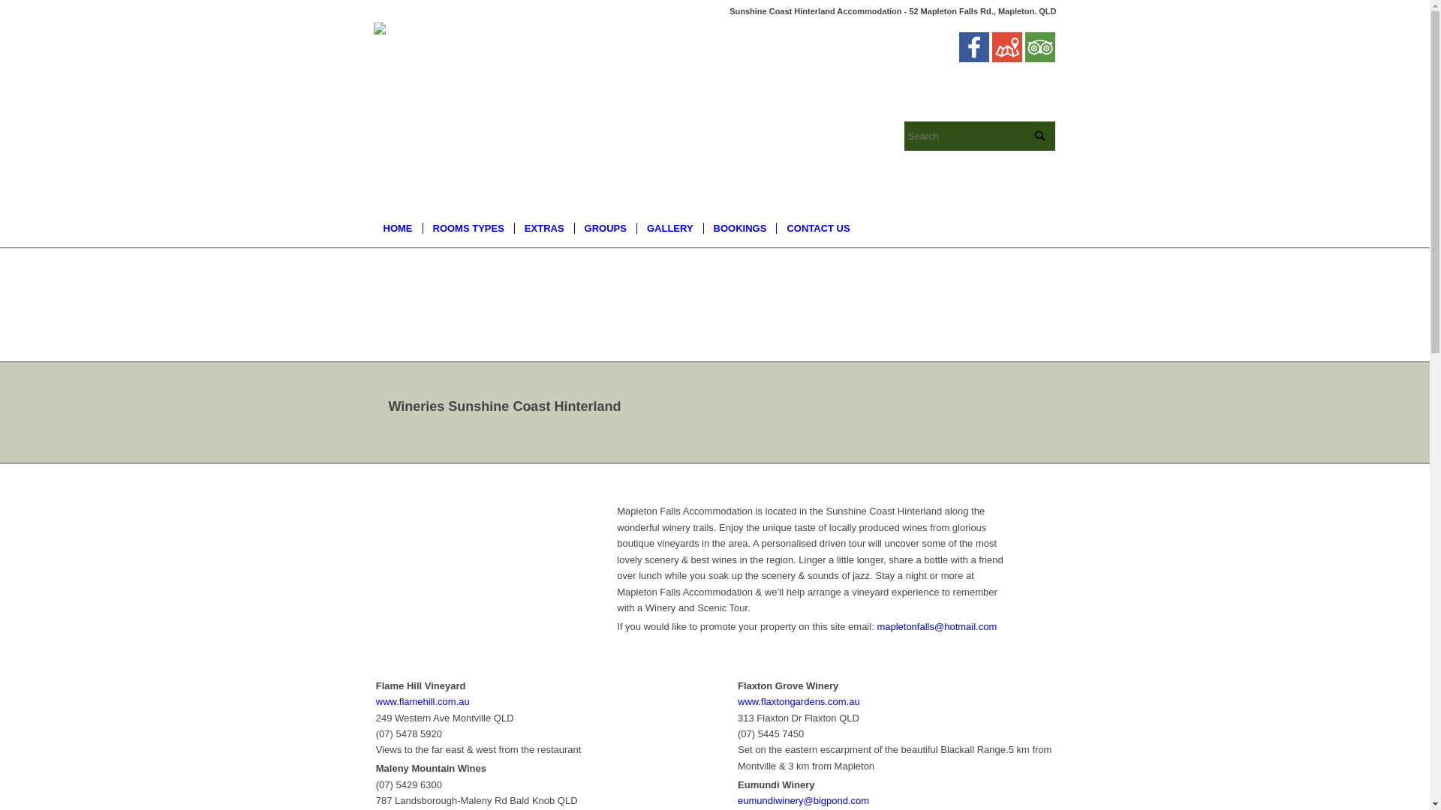 The width and height of the screenshot is (1441, 810). I want to click on 'HOME', so click(398, 228).